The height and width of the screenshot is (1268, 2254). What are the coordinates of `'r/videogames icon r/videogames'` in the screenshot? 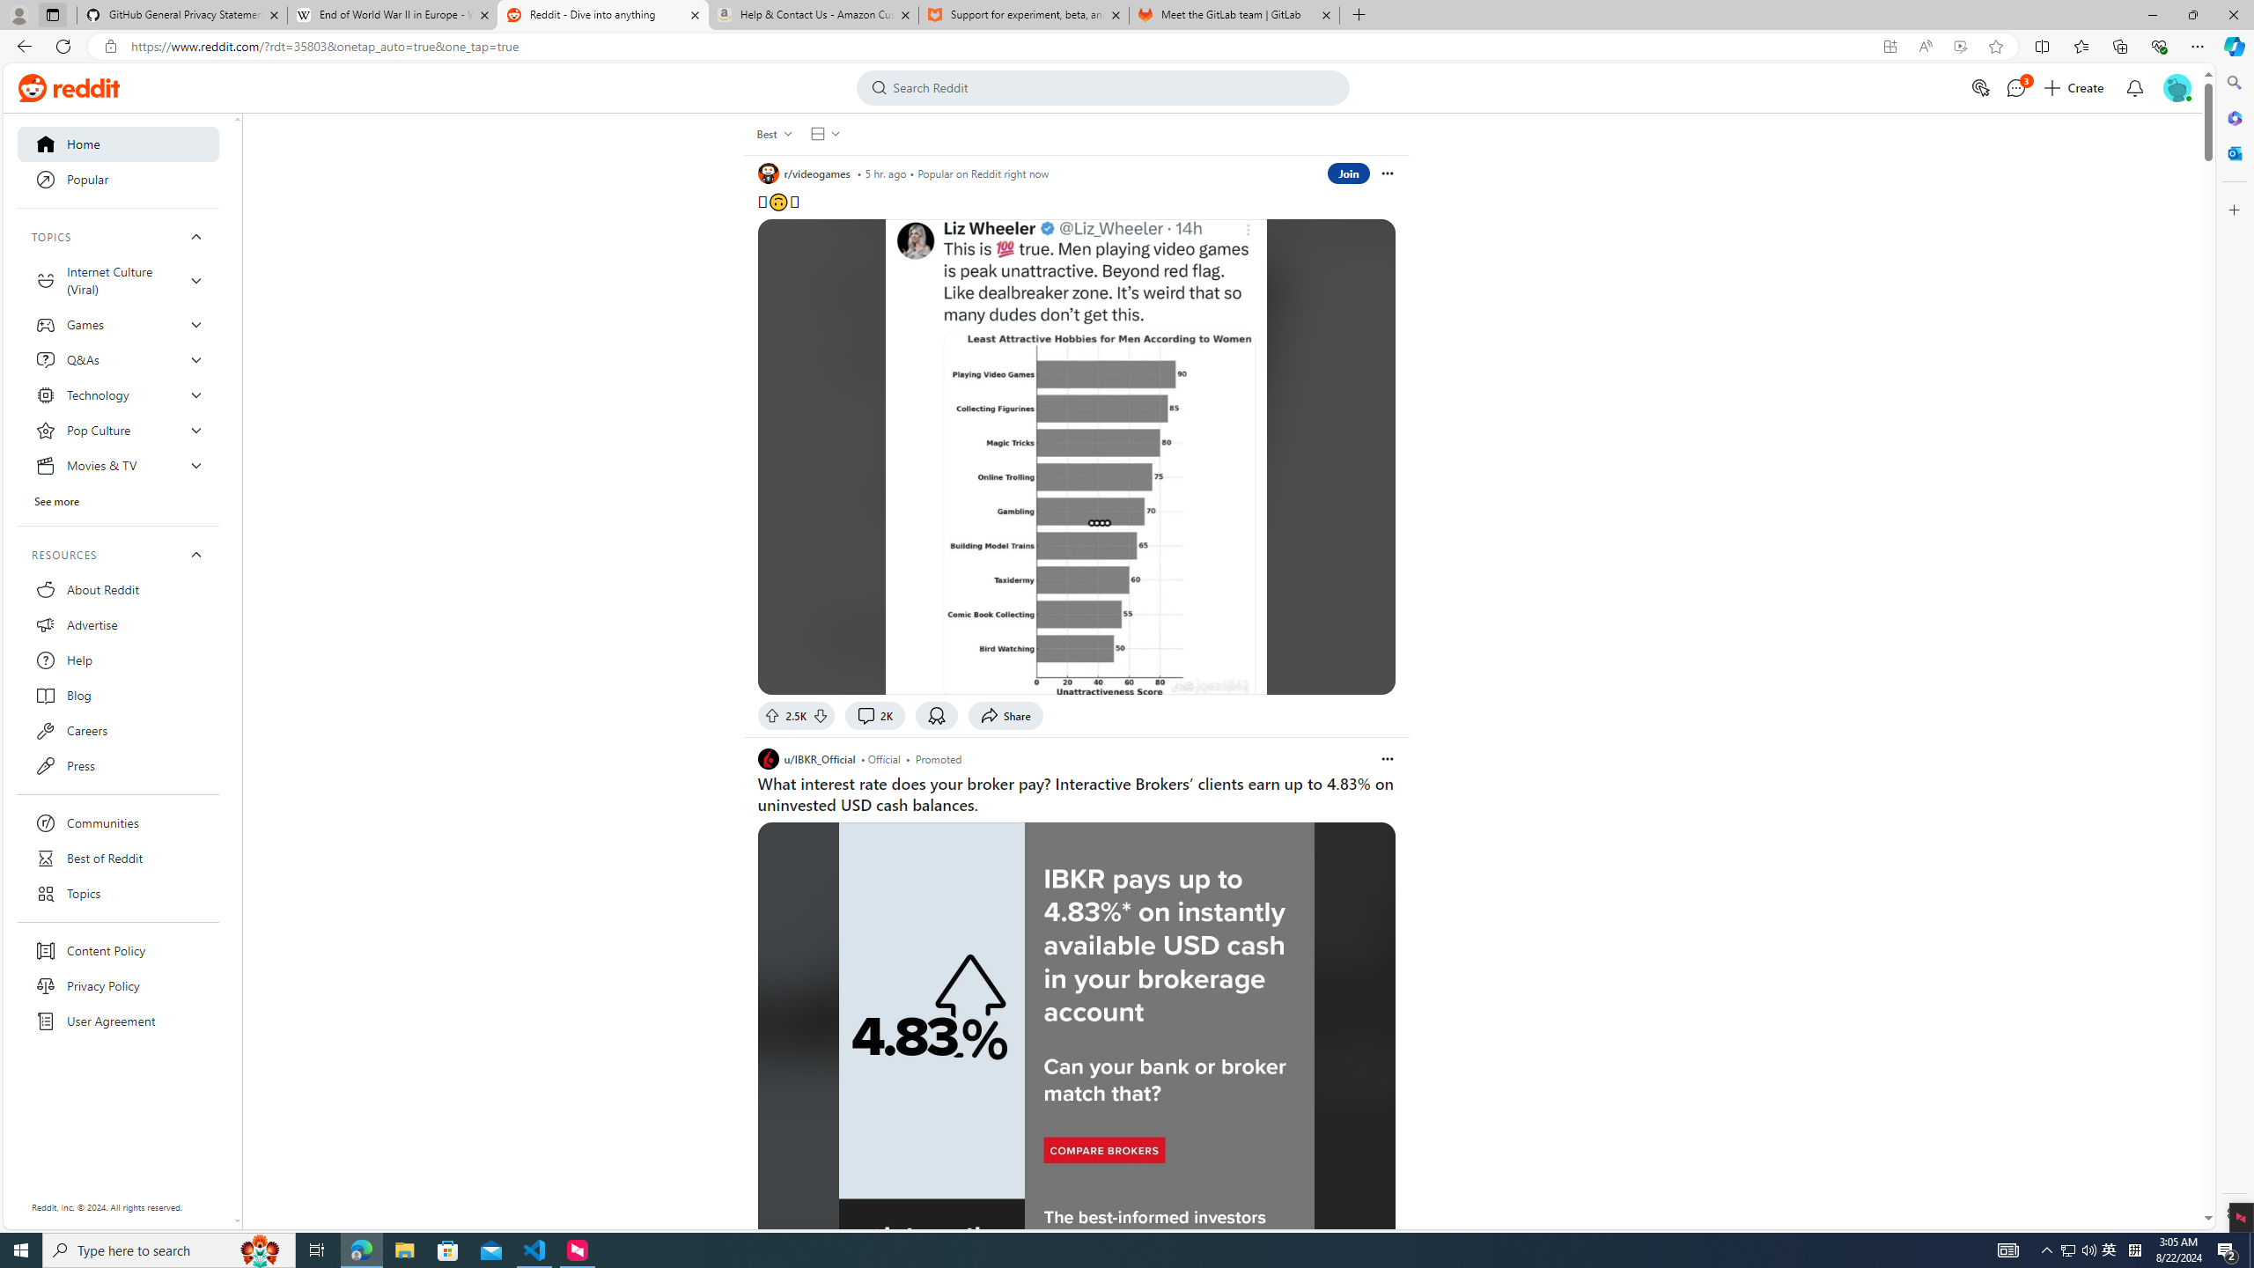 It's located at (803, 173).